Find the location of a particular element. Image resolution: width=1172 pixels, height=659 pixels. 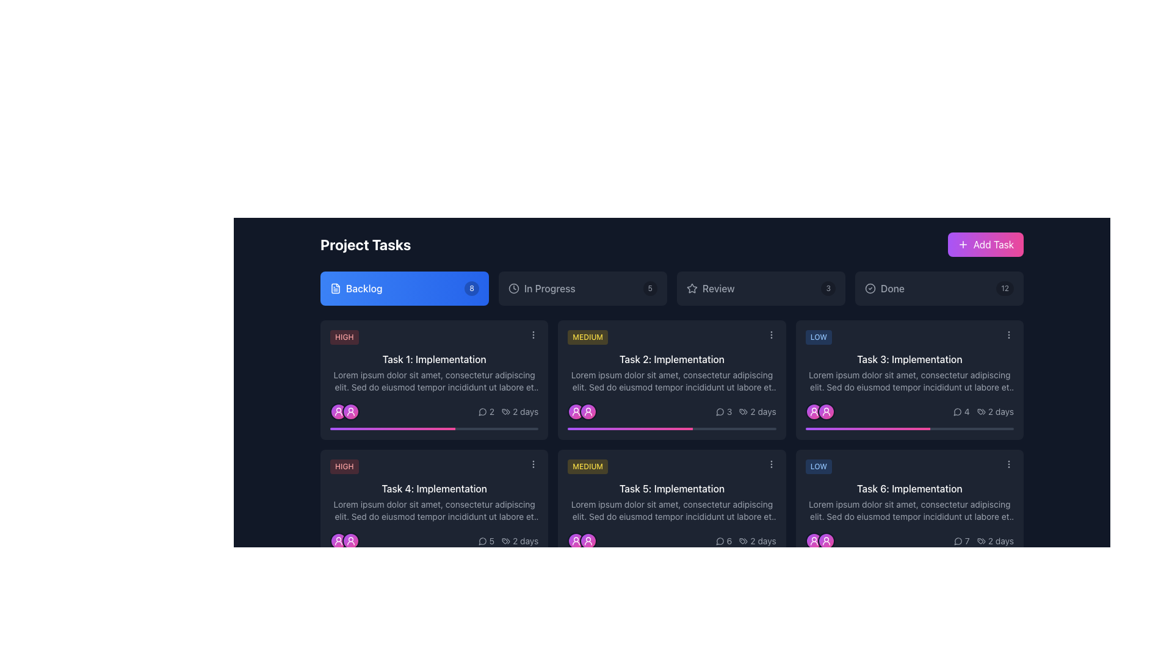

the task card located in the second row, first column of the project management interface is located at coordinates (434, 509).